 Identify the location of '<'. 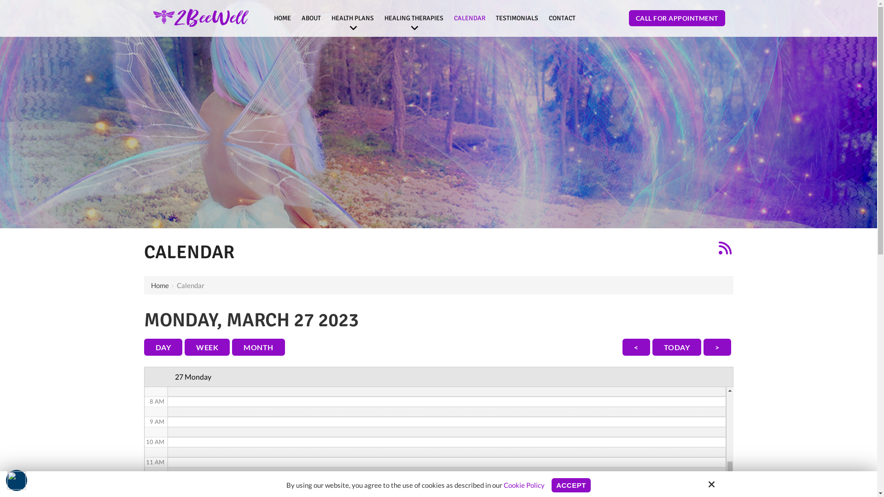
(636, 347).